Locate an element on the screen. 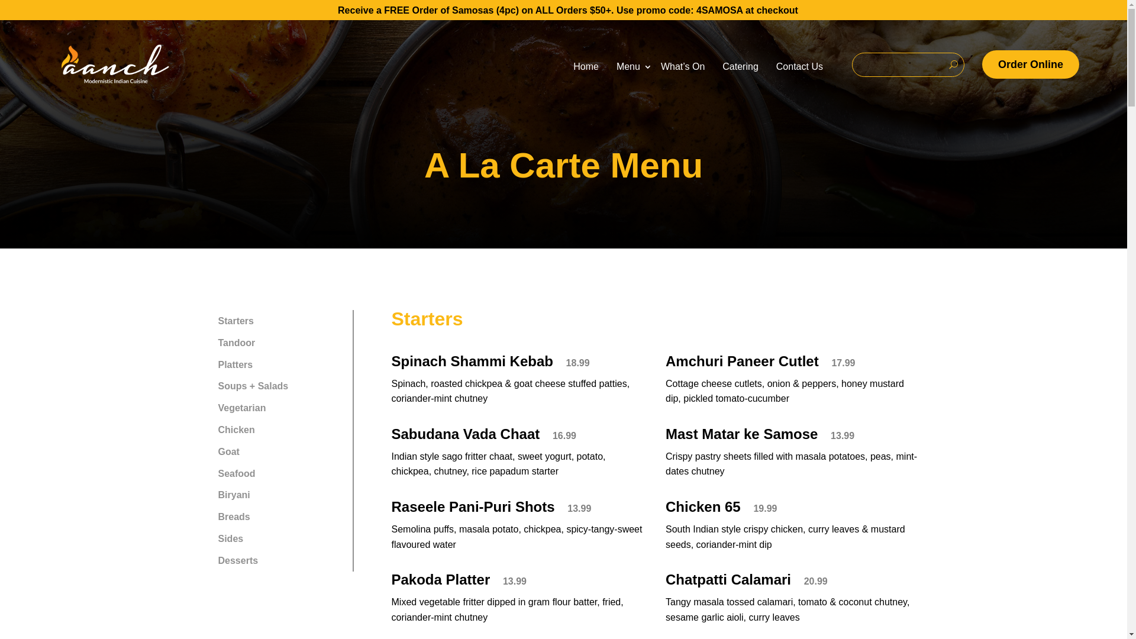  'Sides' is located at coordinates (280, 538).